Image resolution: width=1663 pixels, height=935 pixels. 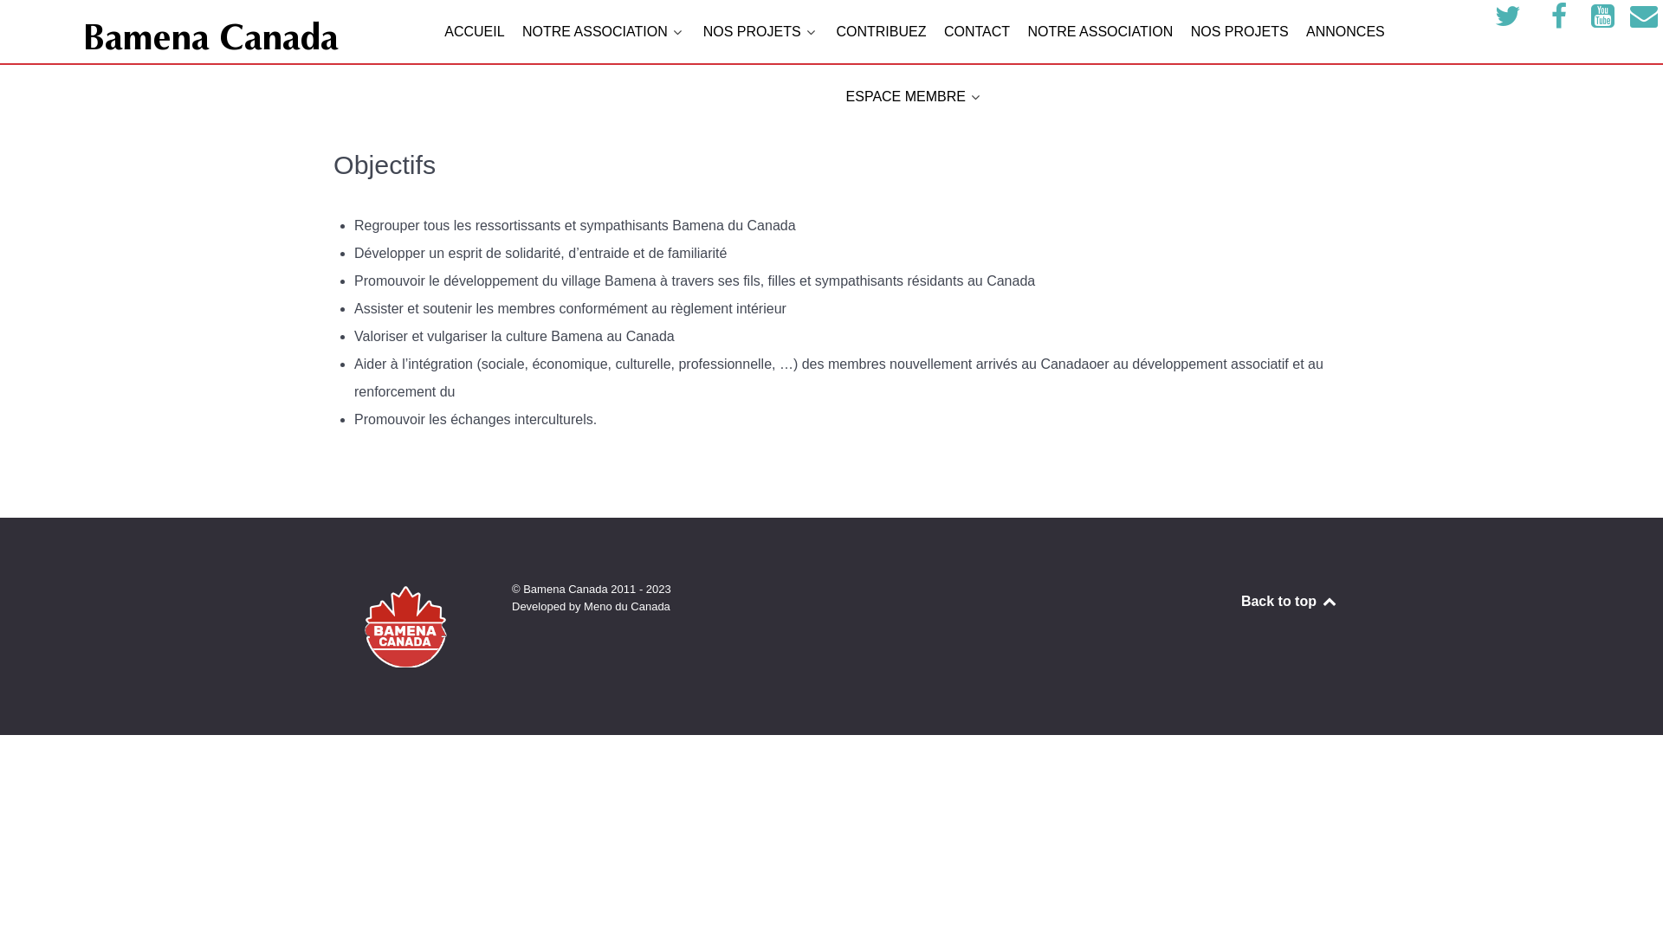 What do you see at coordinates (977, 33) in the screenshot?
I see `'CONTACT'` at bounding box center [977, 33].